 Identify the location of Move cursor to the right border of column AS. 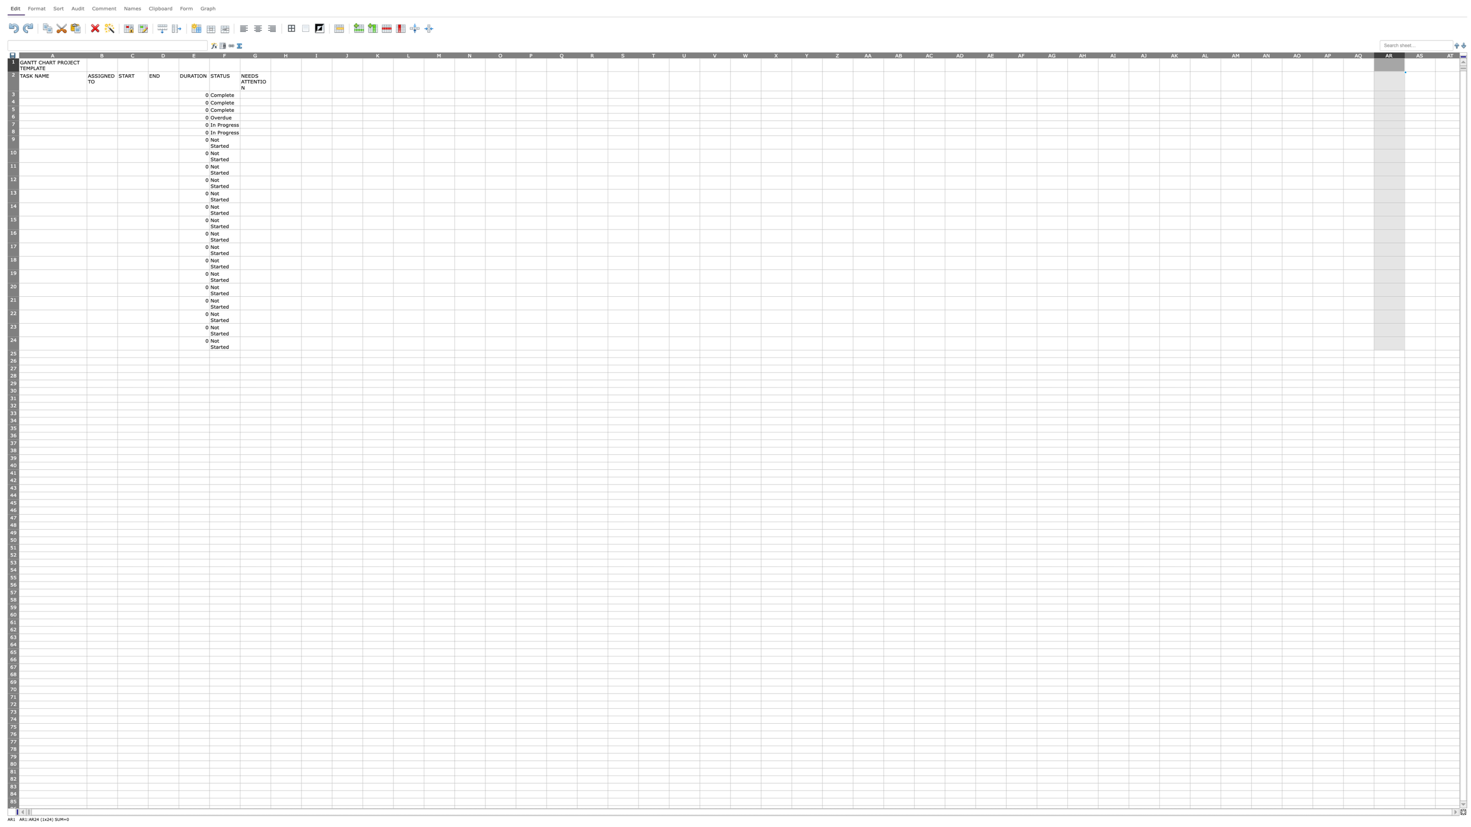
(1436, 54).